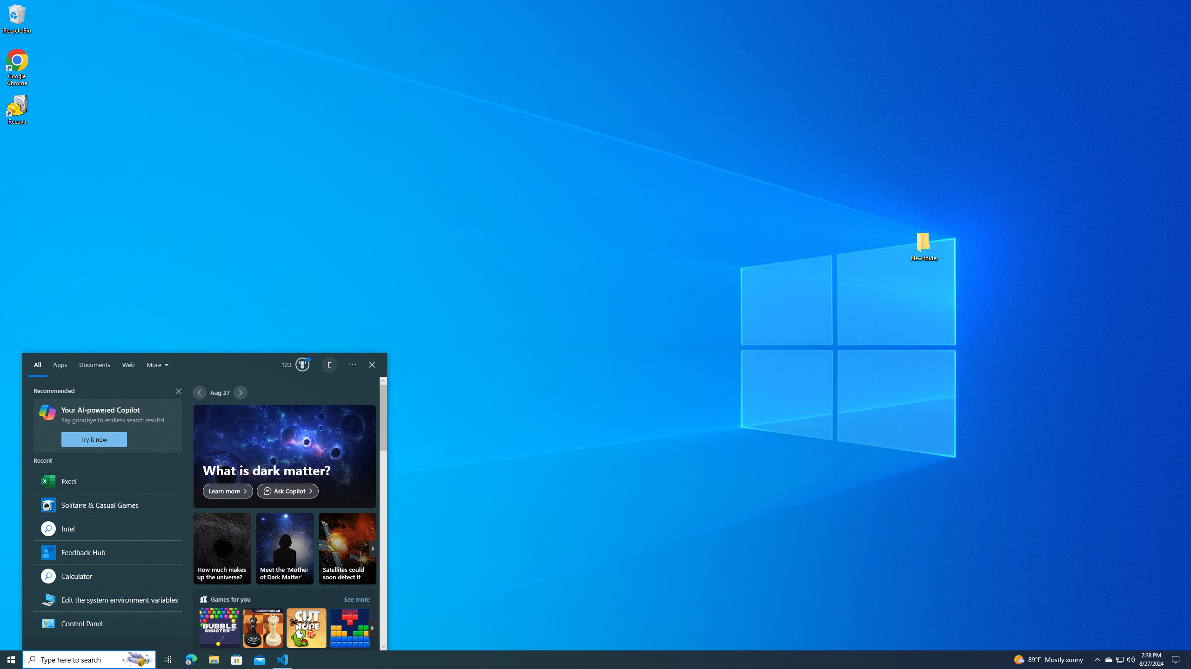 The width and height of the screenshot is (1191, 669). I want to click on 'Recent Group,Excel, App', so click(107, 480).